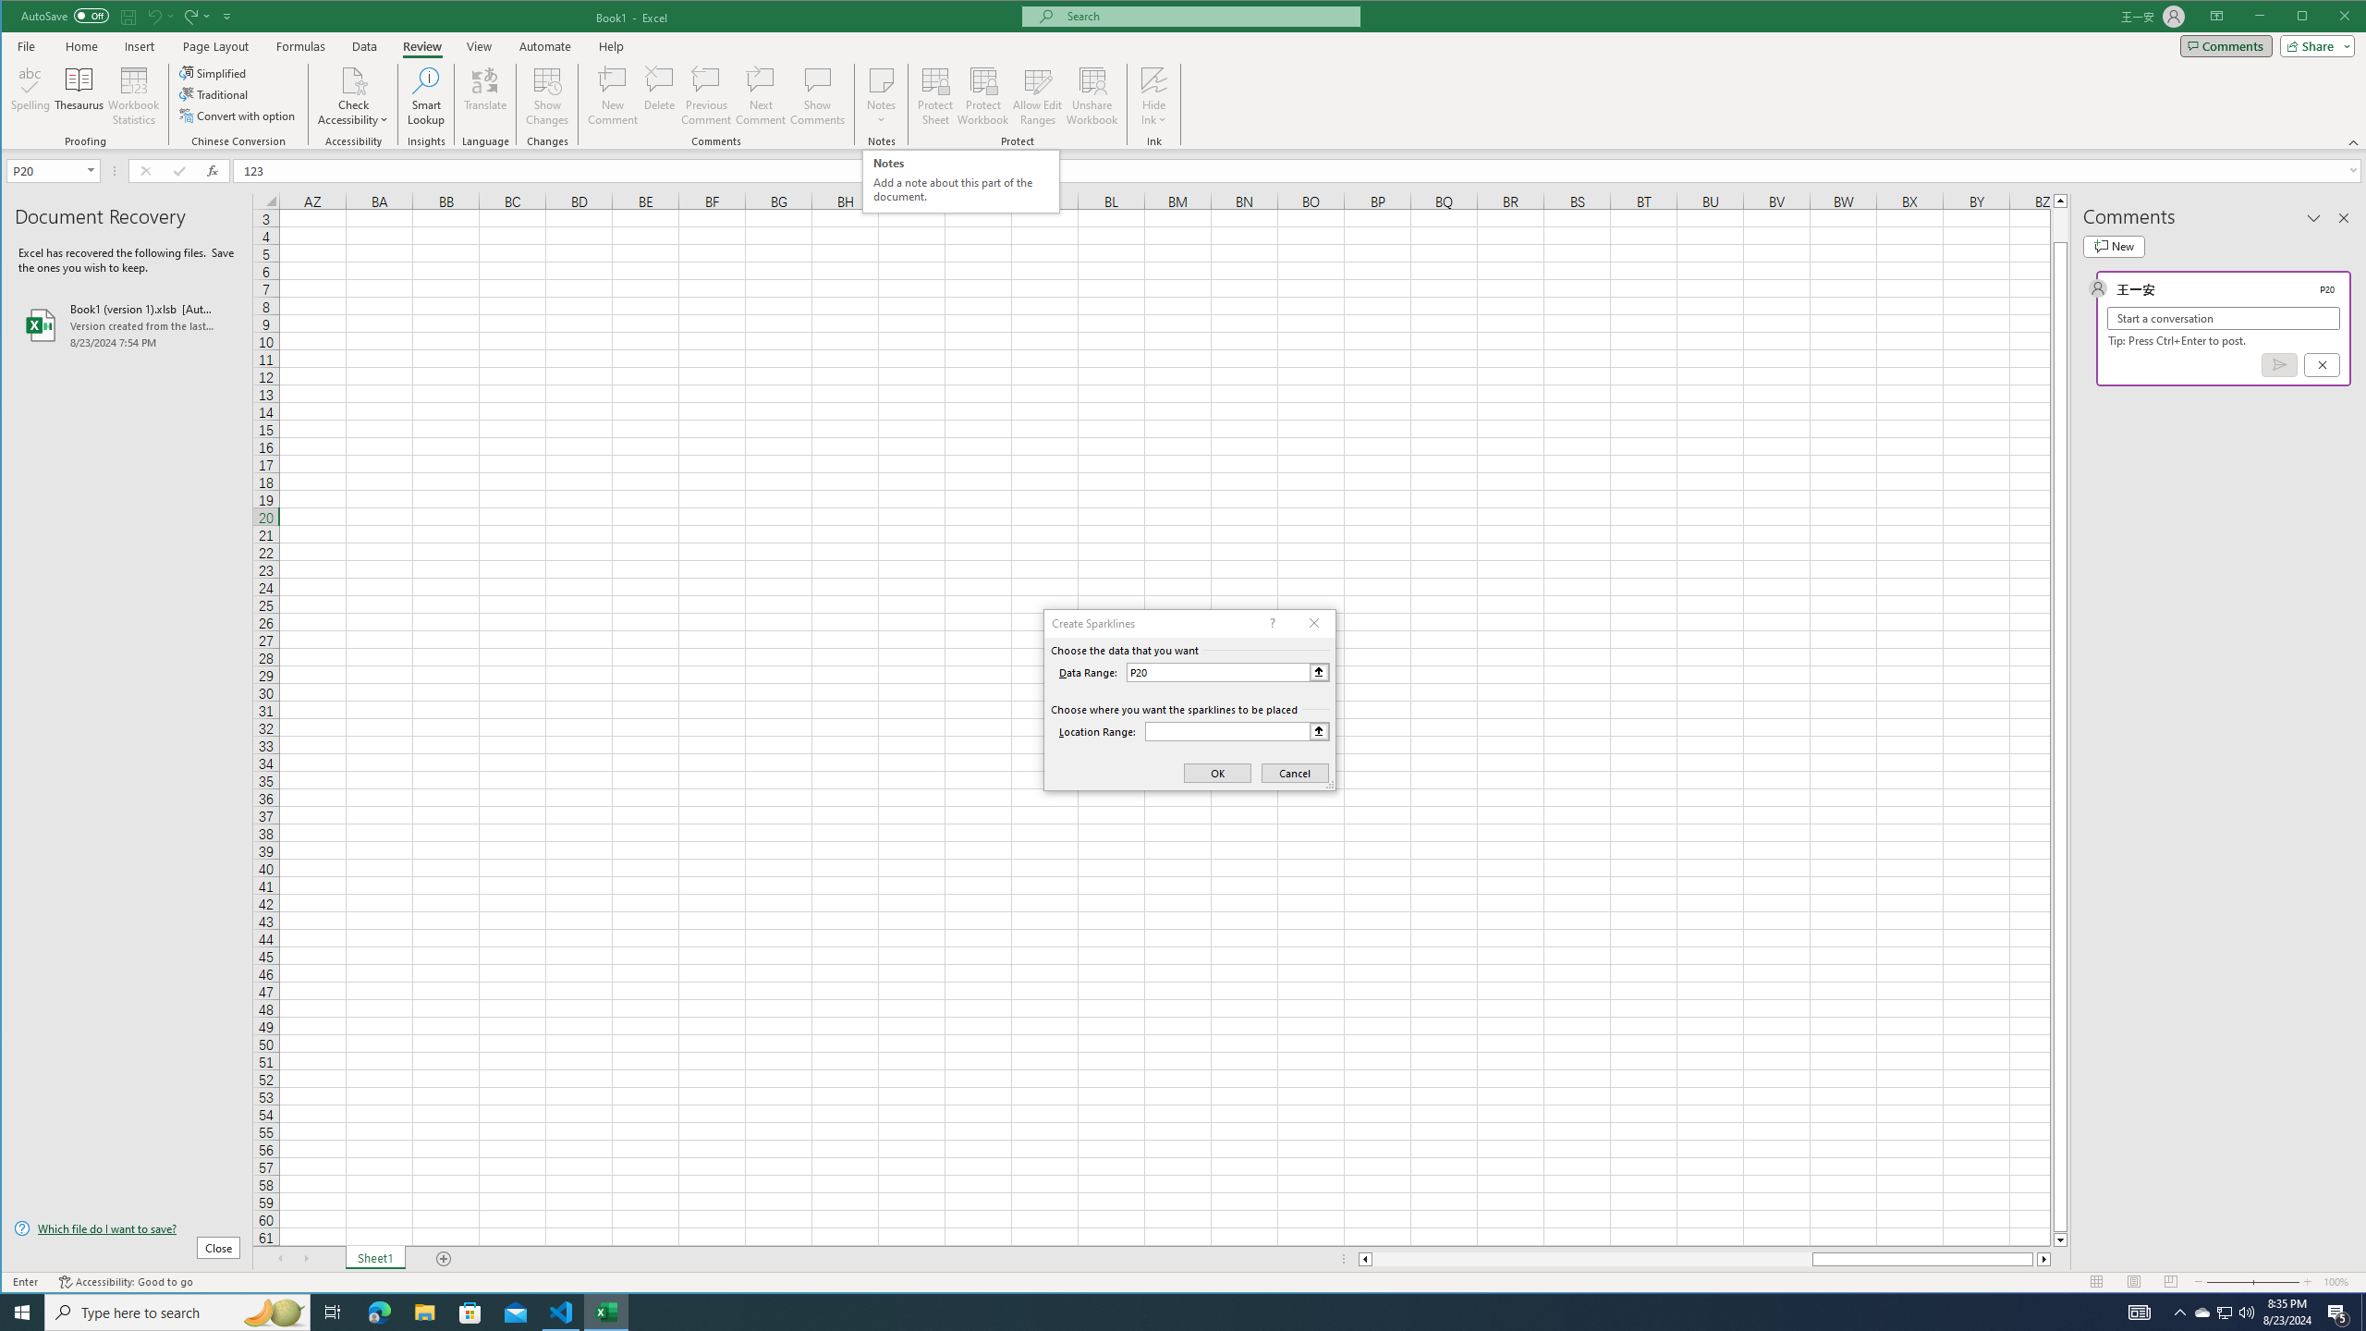  I want to click on 'Spelling...', so click(30, 95).